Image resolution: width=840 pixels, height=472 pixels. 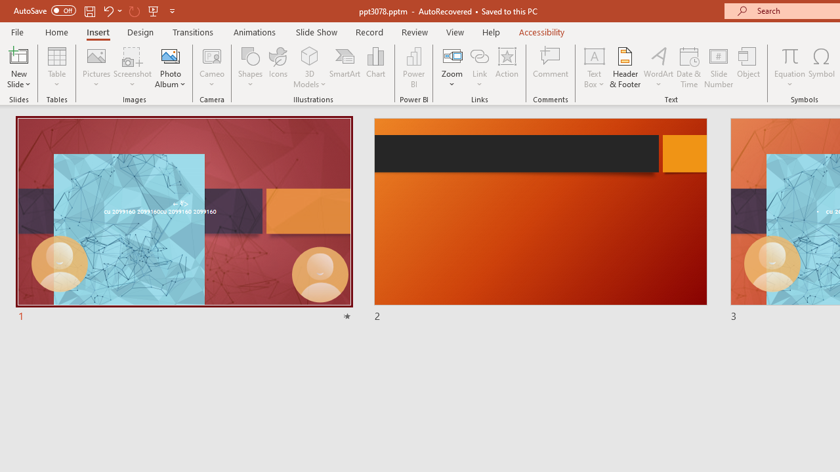 What do you see at coordinates (133, 68) in the screenshot?
I see `'Screenshot'` at bounding box center [133, 68].